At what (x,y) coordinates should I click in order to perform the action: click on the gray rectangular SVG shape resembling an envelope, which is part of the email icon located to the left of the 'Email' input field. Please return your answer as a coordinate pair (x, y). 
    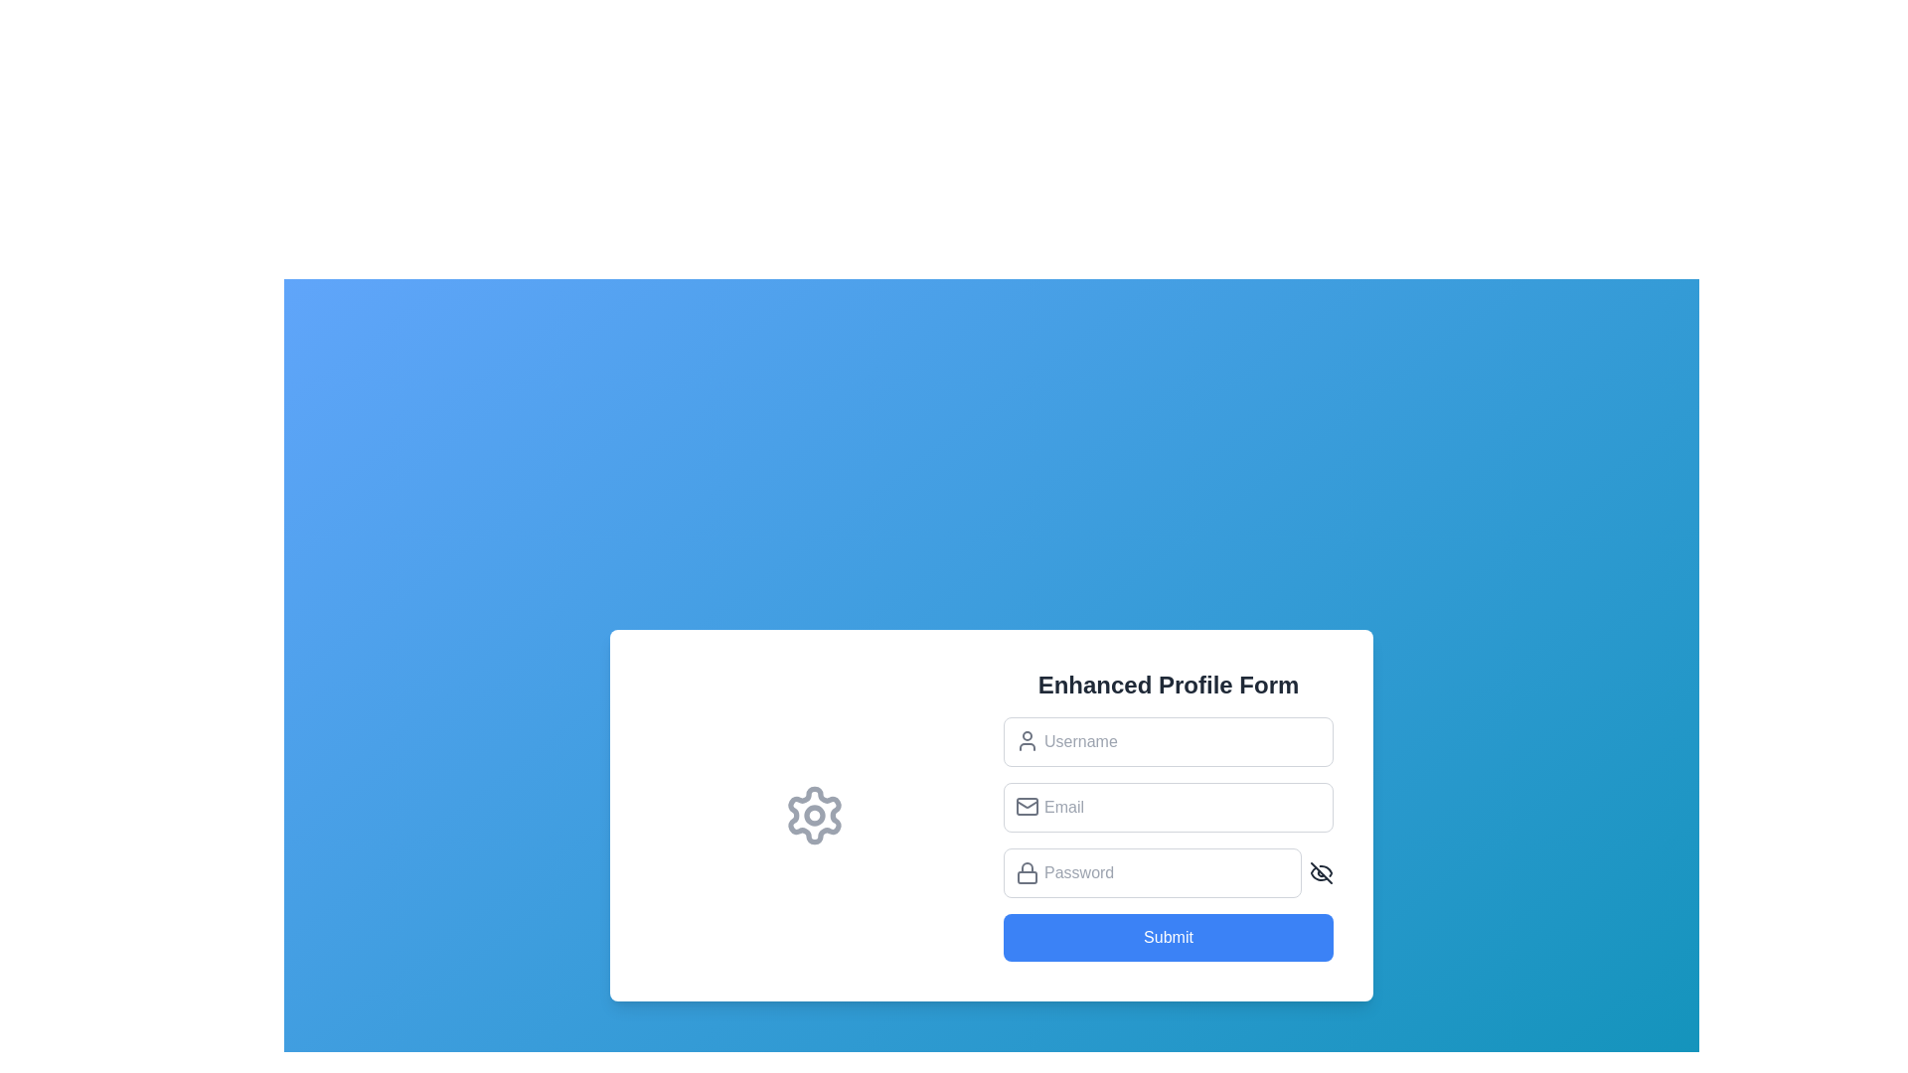
    Looking at the image, I should click on (1027, 807).